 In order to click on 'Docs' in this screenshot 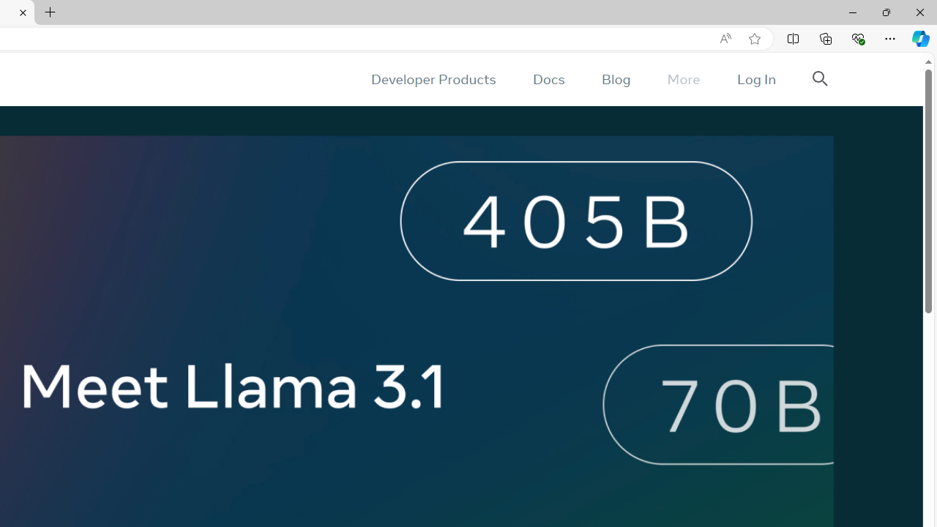, I will do `click(548, 79)`.